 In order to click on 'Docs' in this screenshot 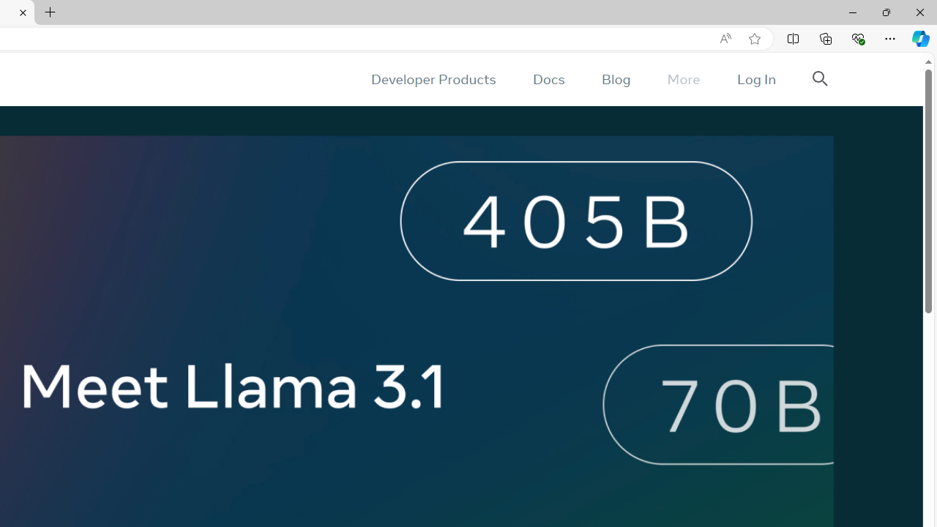, I will do `click(548, 79)`.